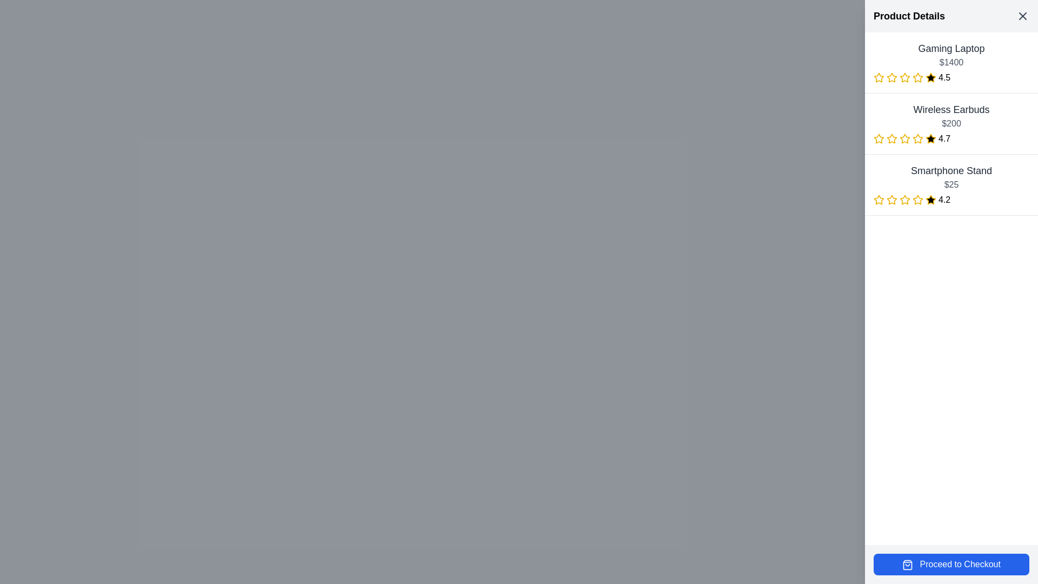  What do you see at coordinates (951, 170) in the screenshot?
I see `text from the label titled 'Smartphone Stand', which is positioned centrally above the price '$25' and below the group heading 'Wireless Earbuds'` at bounding box center [951, 170].